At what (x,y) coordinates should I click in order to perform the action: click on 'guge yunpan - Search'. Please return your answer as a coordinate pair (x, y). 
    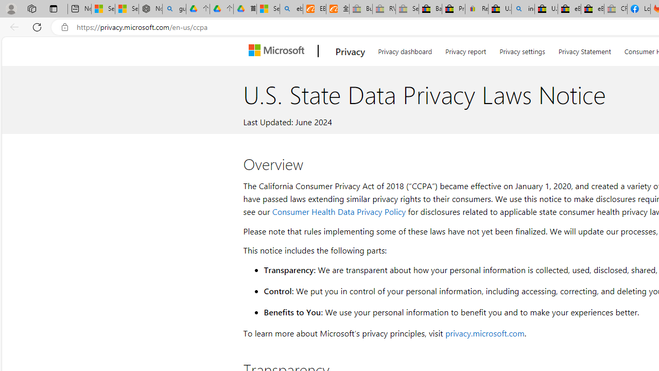
    Looking at the image, I should click on (174, 9).